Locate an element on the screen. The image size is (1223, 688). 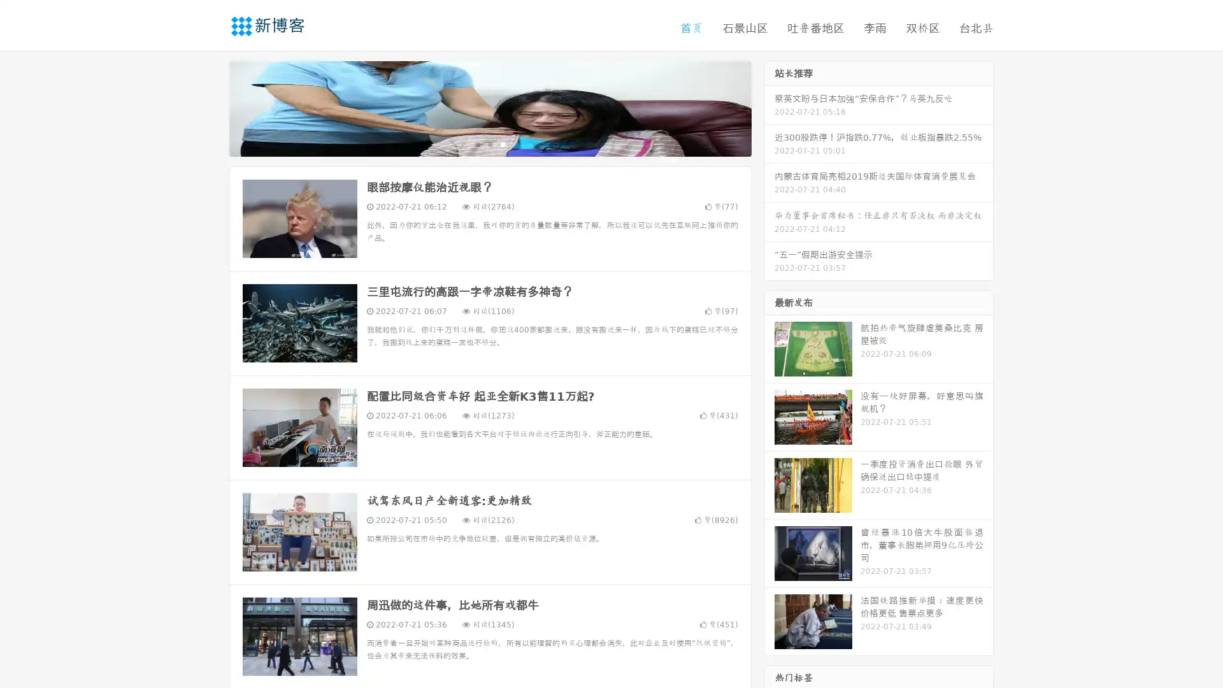
Previous slide is located at coordinates (210, 107).